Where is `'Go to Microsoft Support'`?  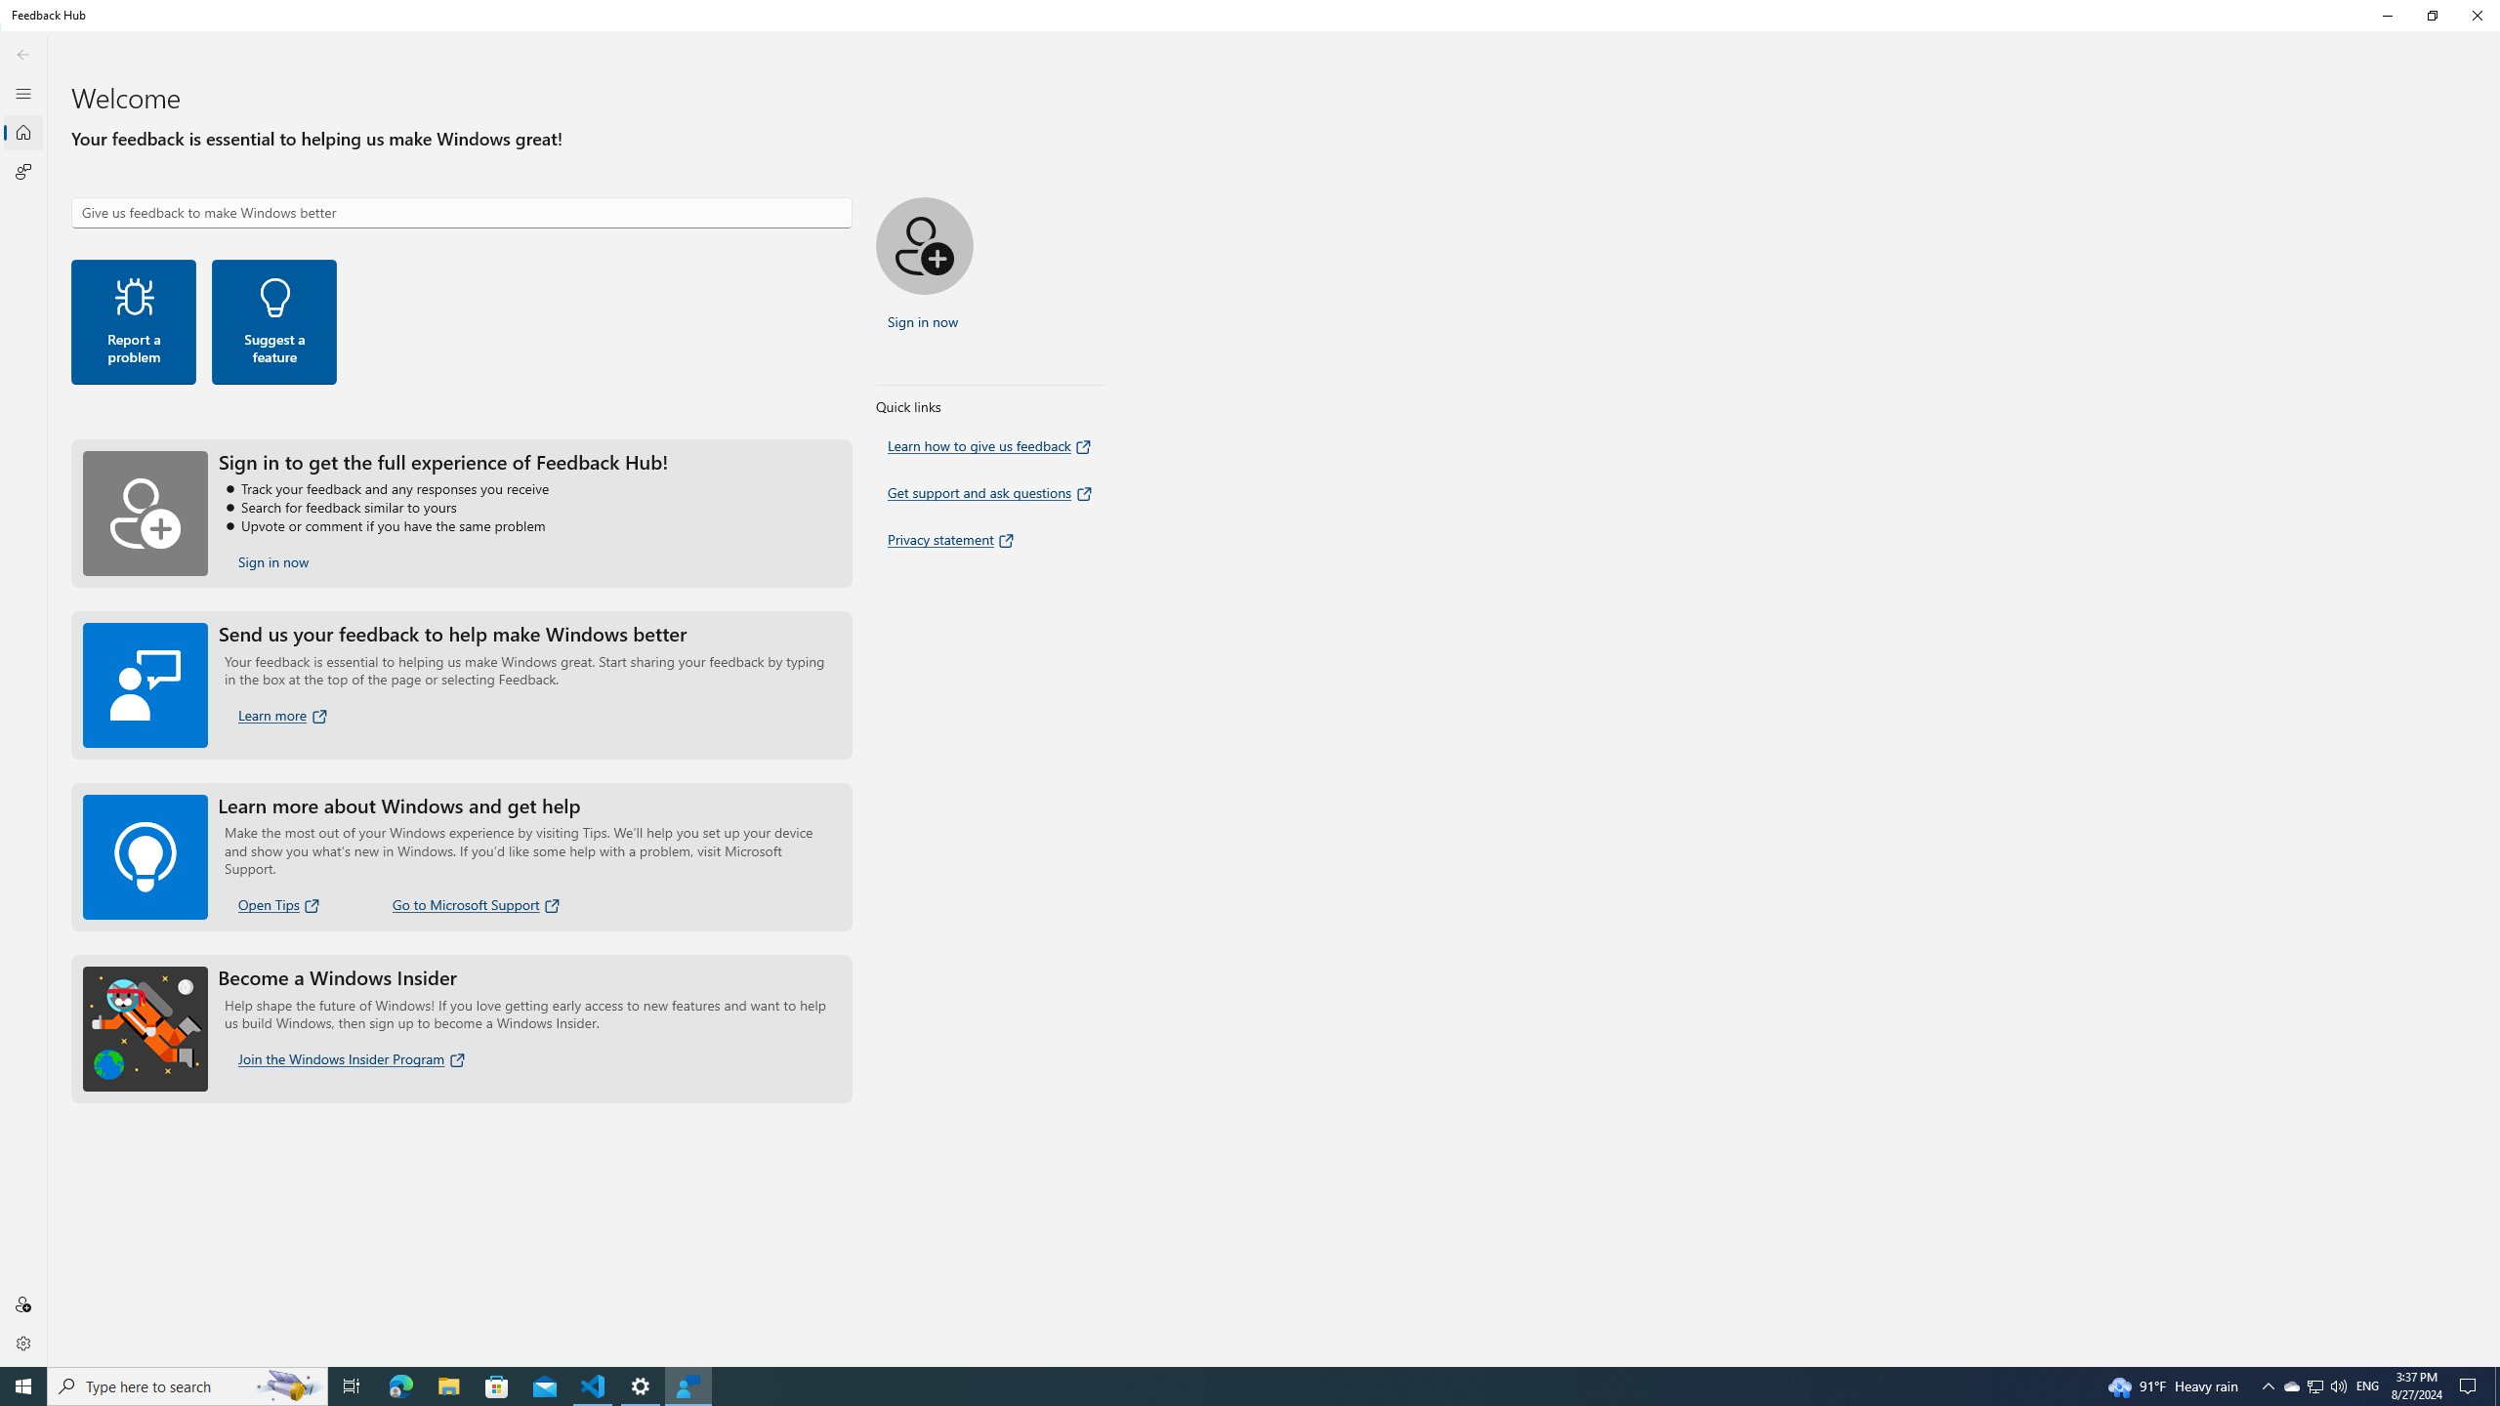 'Go to Microsoft Support' is located at coordinates (477, 904).